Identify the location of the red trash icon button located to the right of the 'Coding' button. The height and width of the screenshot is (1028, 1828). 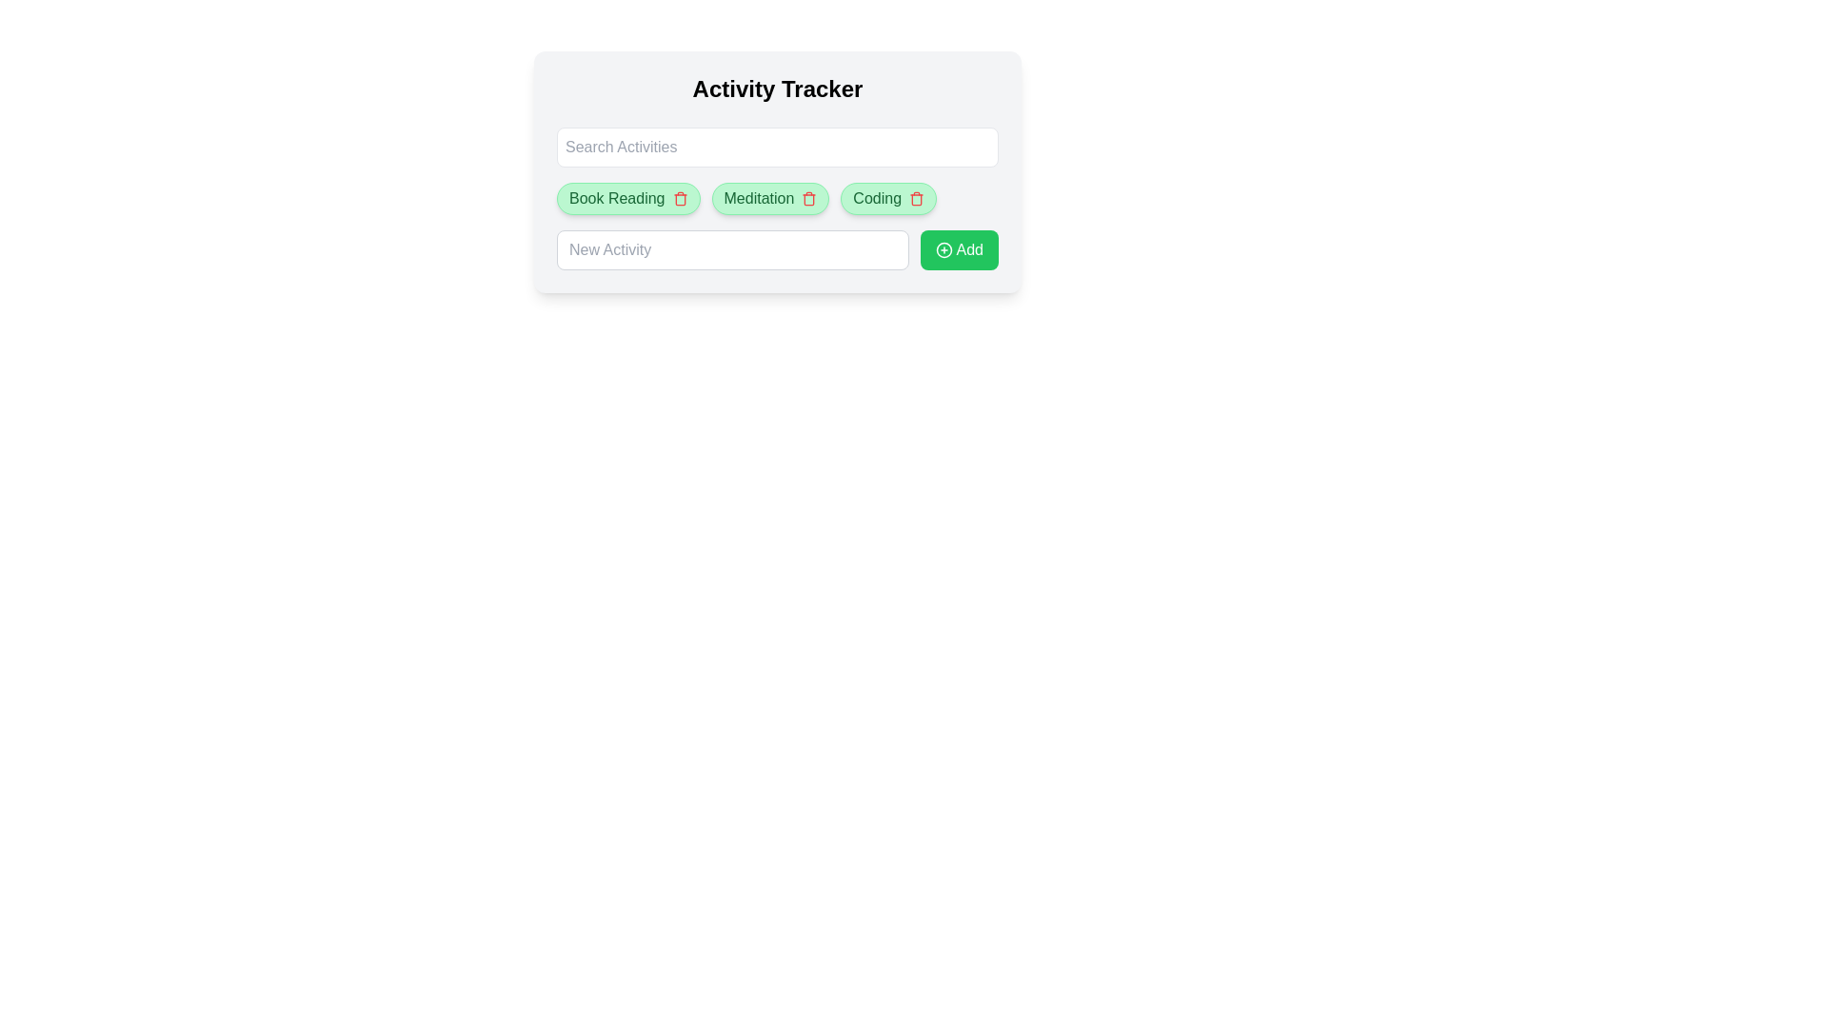
(917, 198).